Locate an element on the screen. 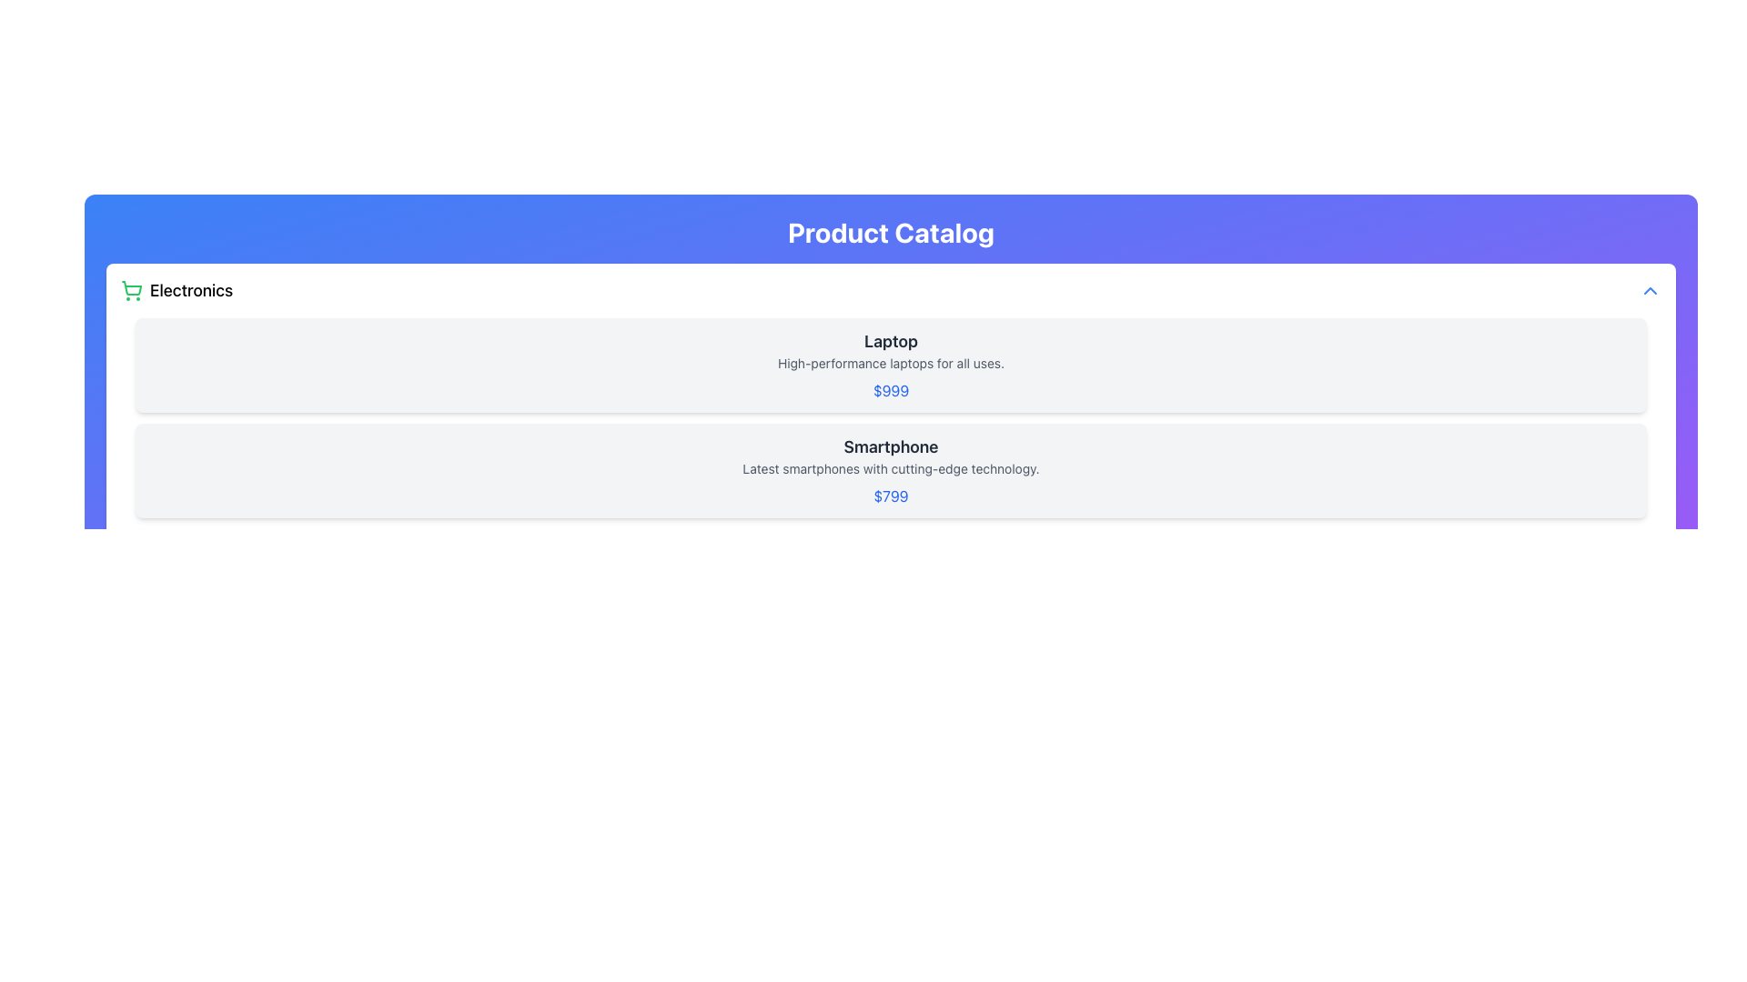 The width and height of the screenshot is (1747, 982). supplementary text label providing details about the 'Smartphone' item, which is located below the 'Smartphone' title and above the '$799' price label is located at coordinates (891, 468).